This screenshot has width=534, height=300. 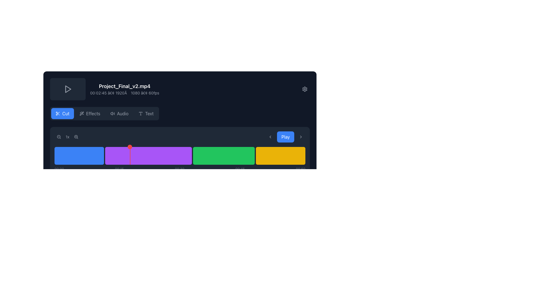 I want to click on the text label displaying 'Text' located in the horizontal bar at the top of the interface, adjacent to the text formatting icon, so click(x=149, y=113).